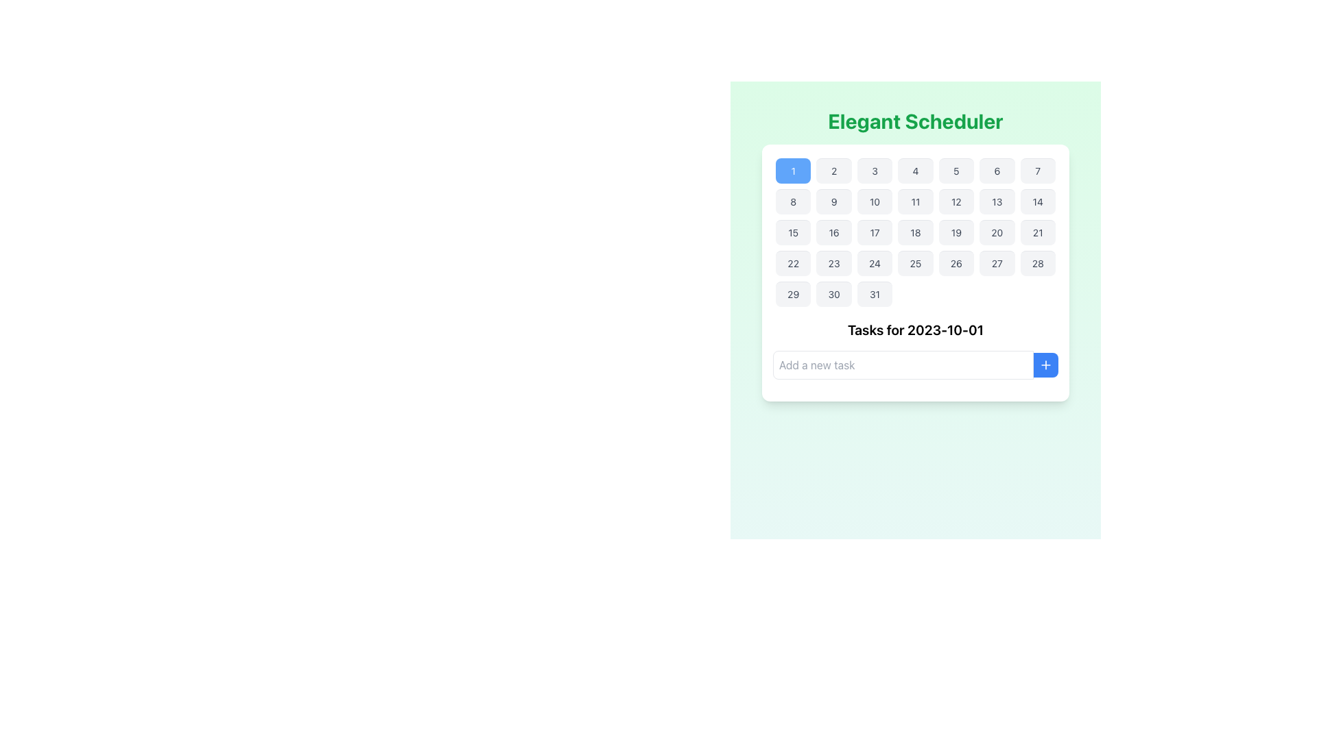  I want to click on the button labeled '30' in the calendar date selector grid, so click(833, 293).